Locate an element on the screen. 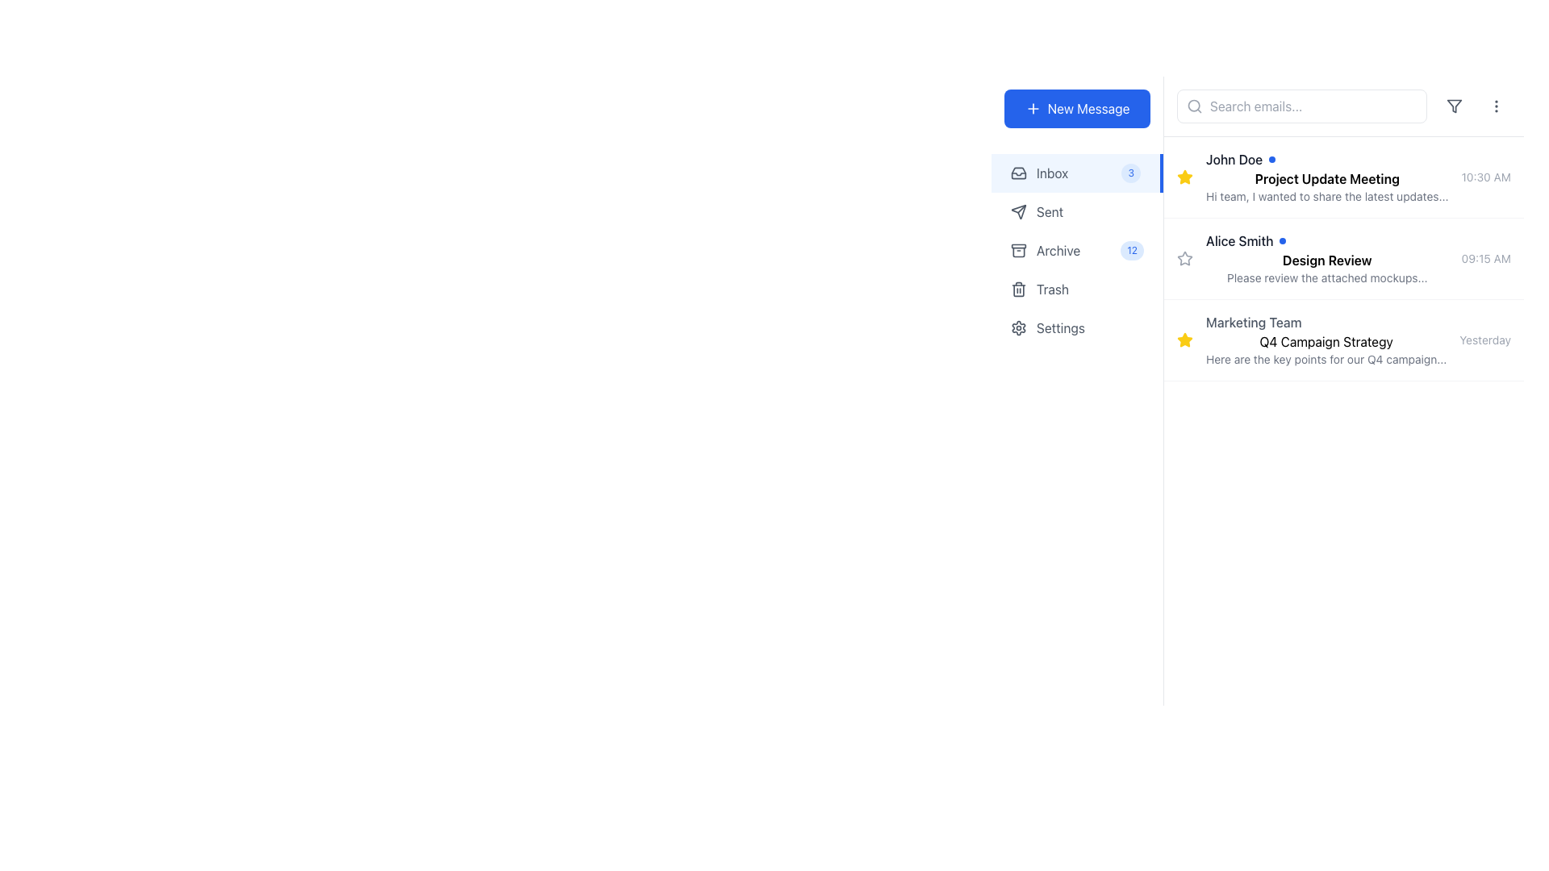  the circular shape within the search icon, which signifies a search function, located to the left of the search bar at the top of the email list section is located at coordinates (1194, 106).